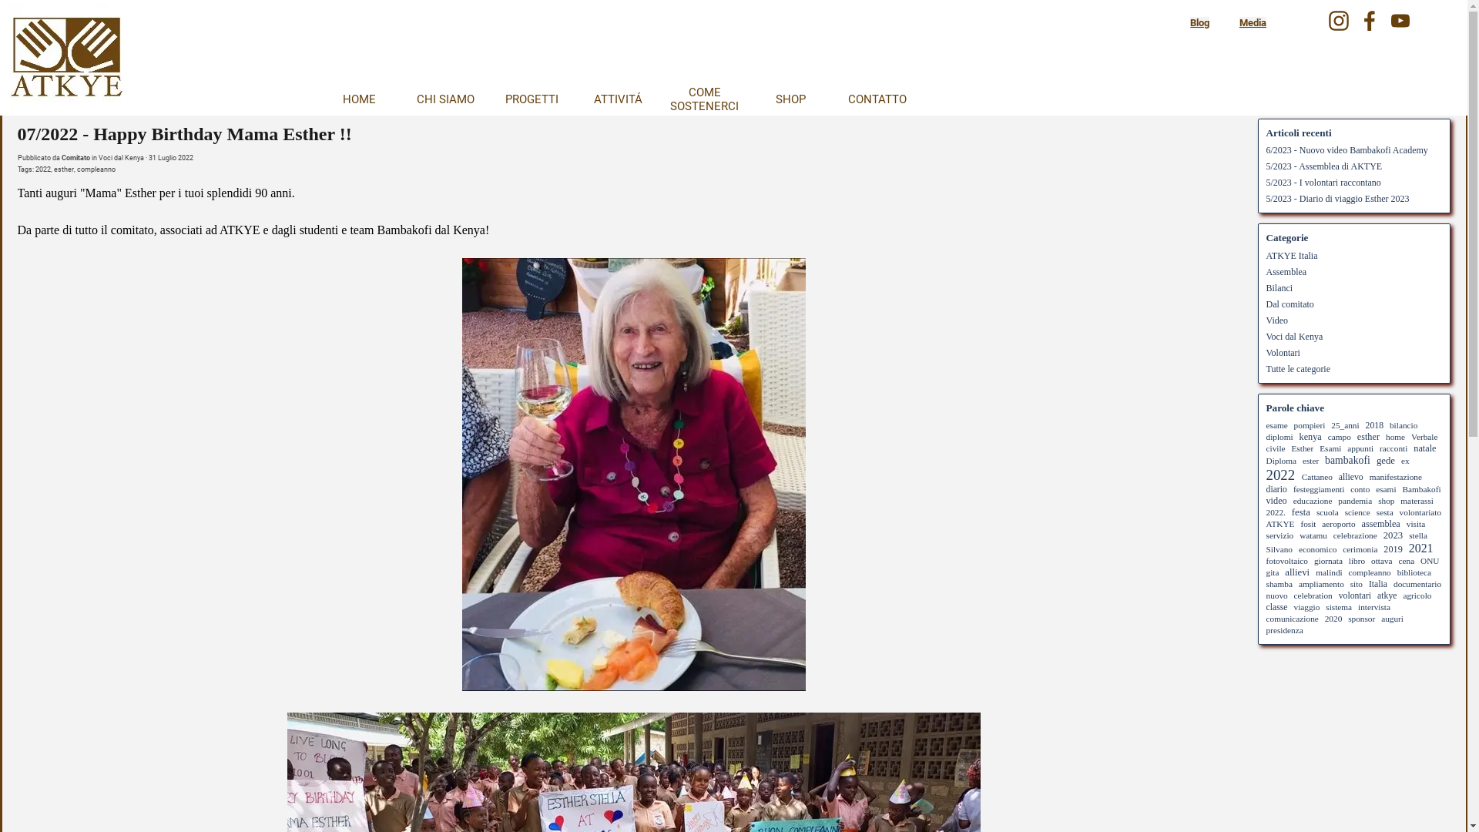  I want to click on 'campo', so click(1338, 437).